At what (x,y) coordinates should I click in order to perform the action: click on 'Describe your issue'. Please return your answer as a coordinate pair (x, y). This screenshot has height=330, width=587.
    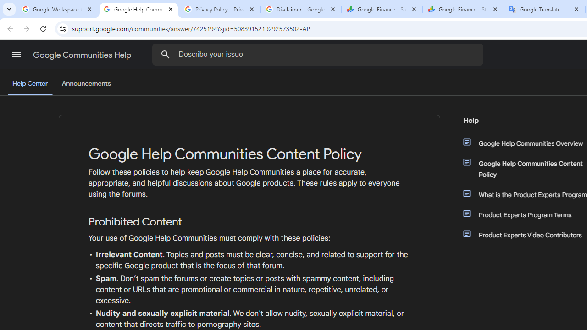
    Looking at the image, I should click on (319, 54).